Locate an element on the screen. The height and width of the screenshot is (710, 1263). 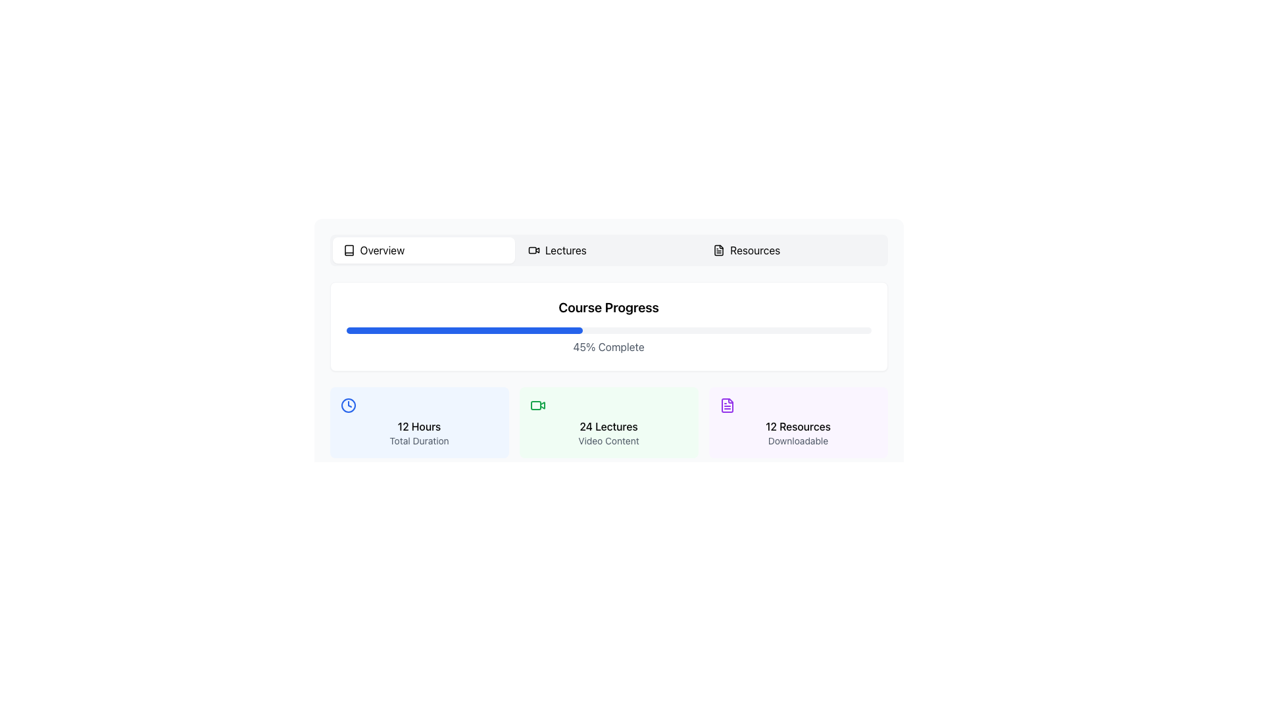
the text label that displays the total duration of a course or program, which shows a numeric value followed by 'Hours', located centrally beneath a clock icon is located at coordinates (418, 426).